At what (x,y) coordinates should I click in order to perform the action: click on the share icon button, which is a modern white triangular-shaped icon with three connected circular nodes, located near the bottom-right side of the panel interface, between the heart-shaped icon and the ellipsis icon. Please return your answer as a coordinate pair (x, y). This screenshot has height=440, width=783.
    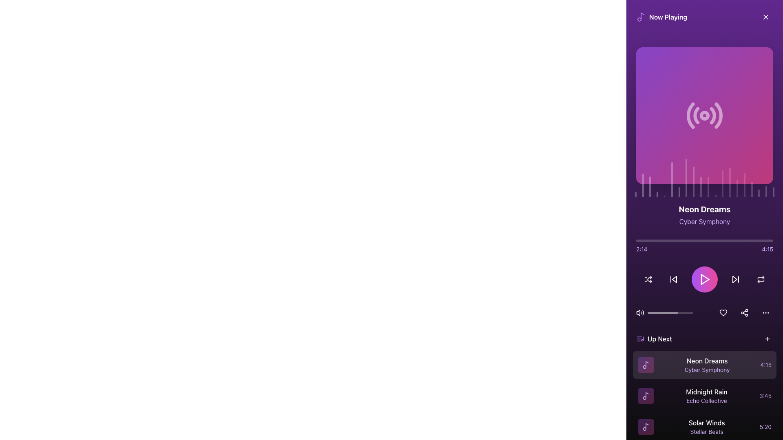
    Looking at the image, I should click on (744, 312).